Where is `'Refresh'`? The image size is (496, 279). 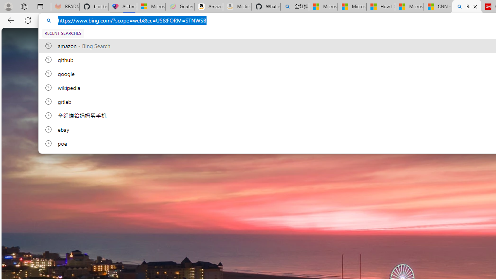
'Refresh' is located at coordinates (28, 20).